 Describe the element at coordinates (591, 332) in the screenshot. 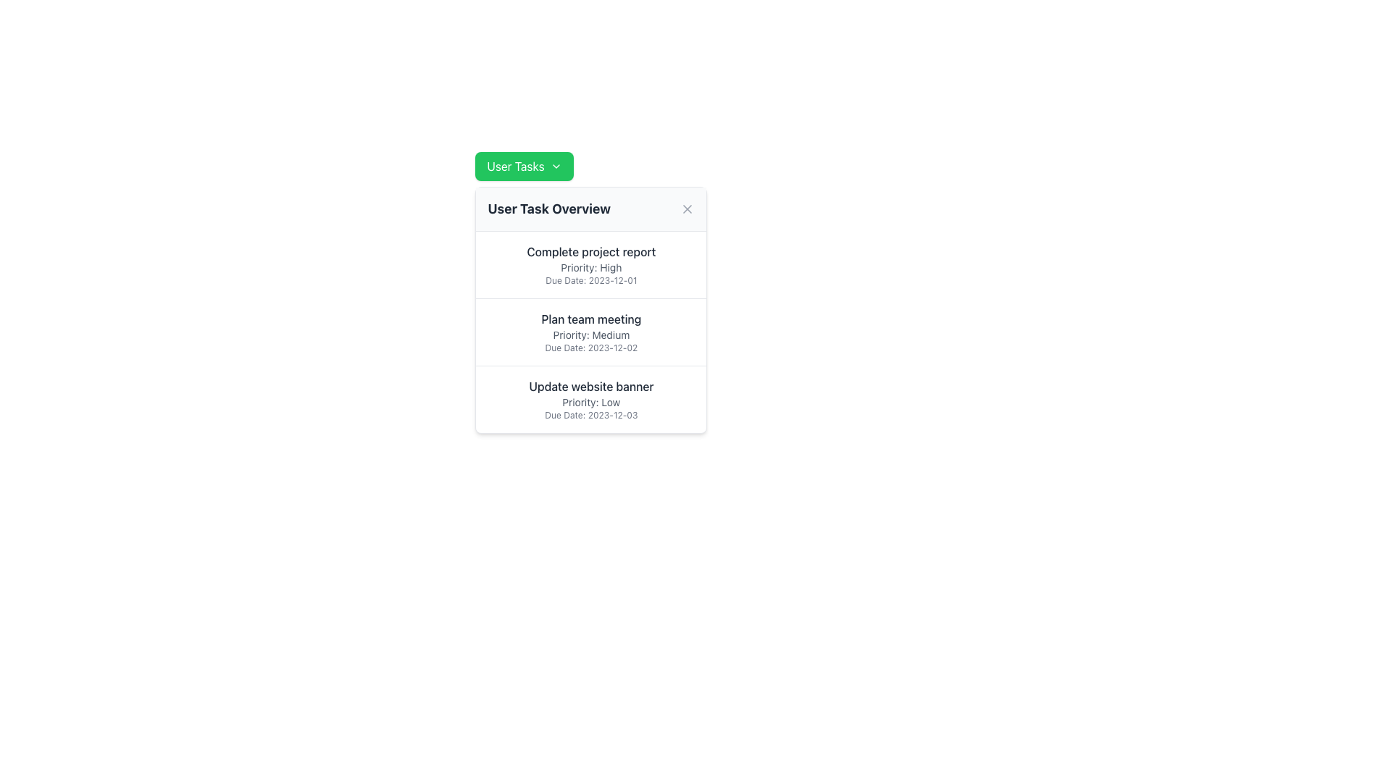

I see `the second task item in the task overview panel to mark it as complete` at that location.